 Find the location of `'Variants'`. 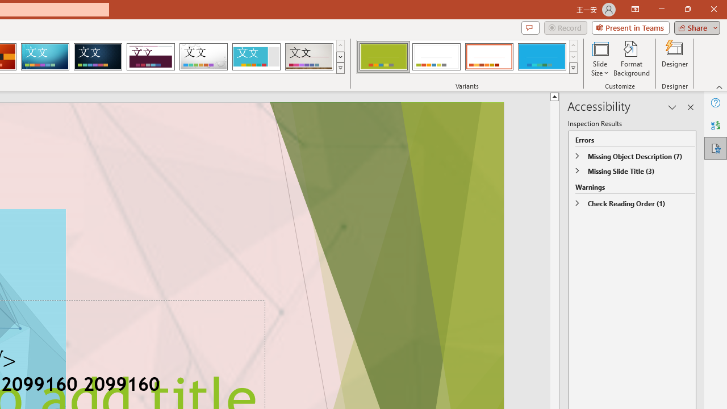

'Variants' is located at coordinates (573, 68).